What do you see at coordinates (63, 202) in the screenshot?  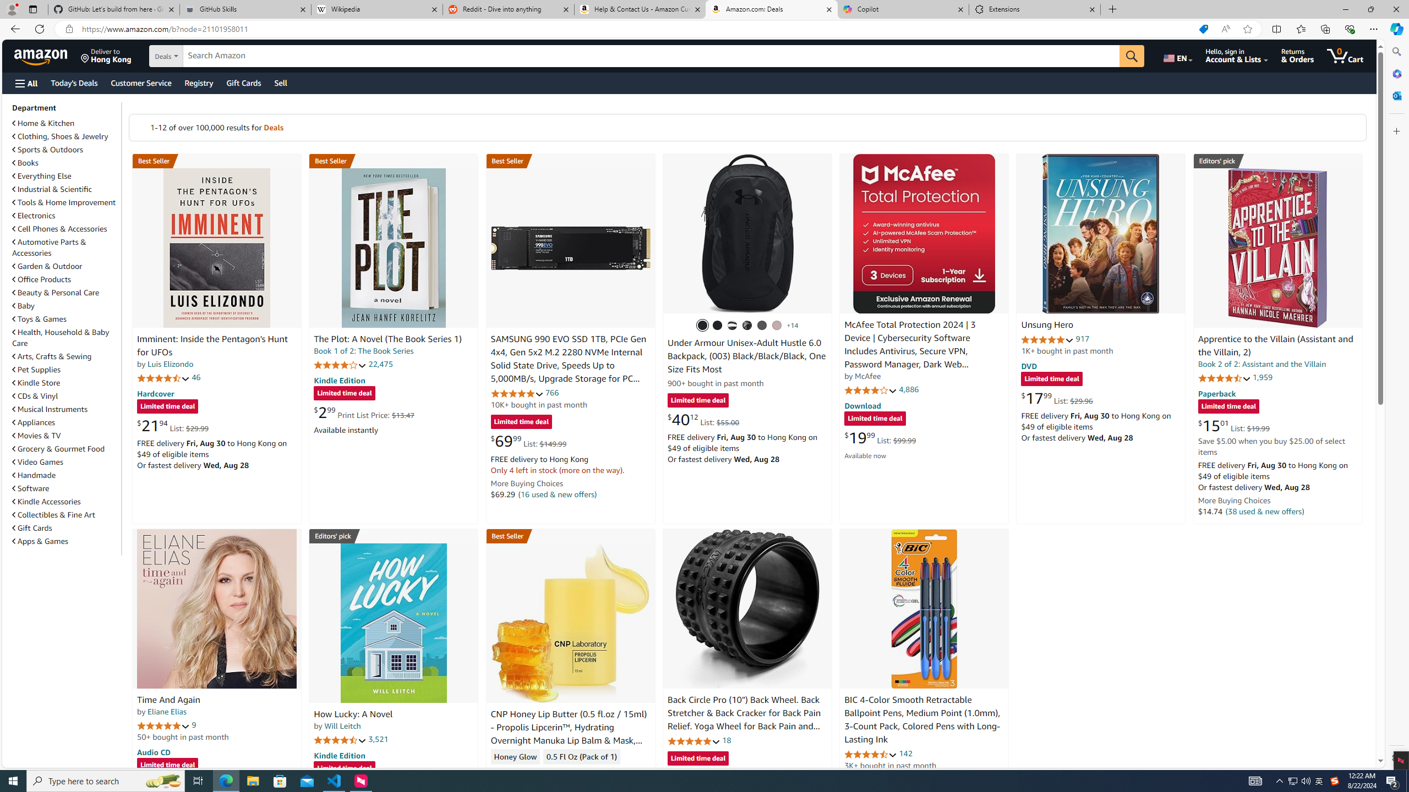 I see `'Tools & Home Improvement'` at bounding box center [63, 202].